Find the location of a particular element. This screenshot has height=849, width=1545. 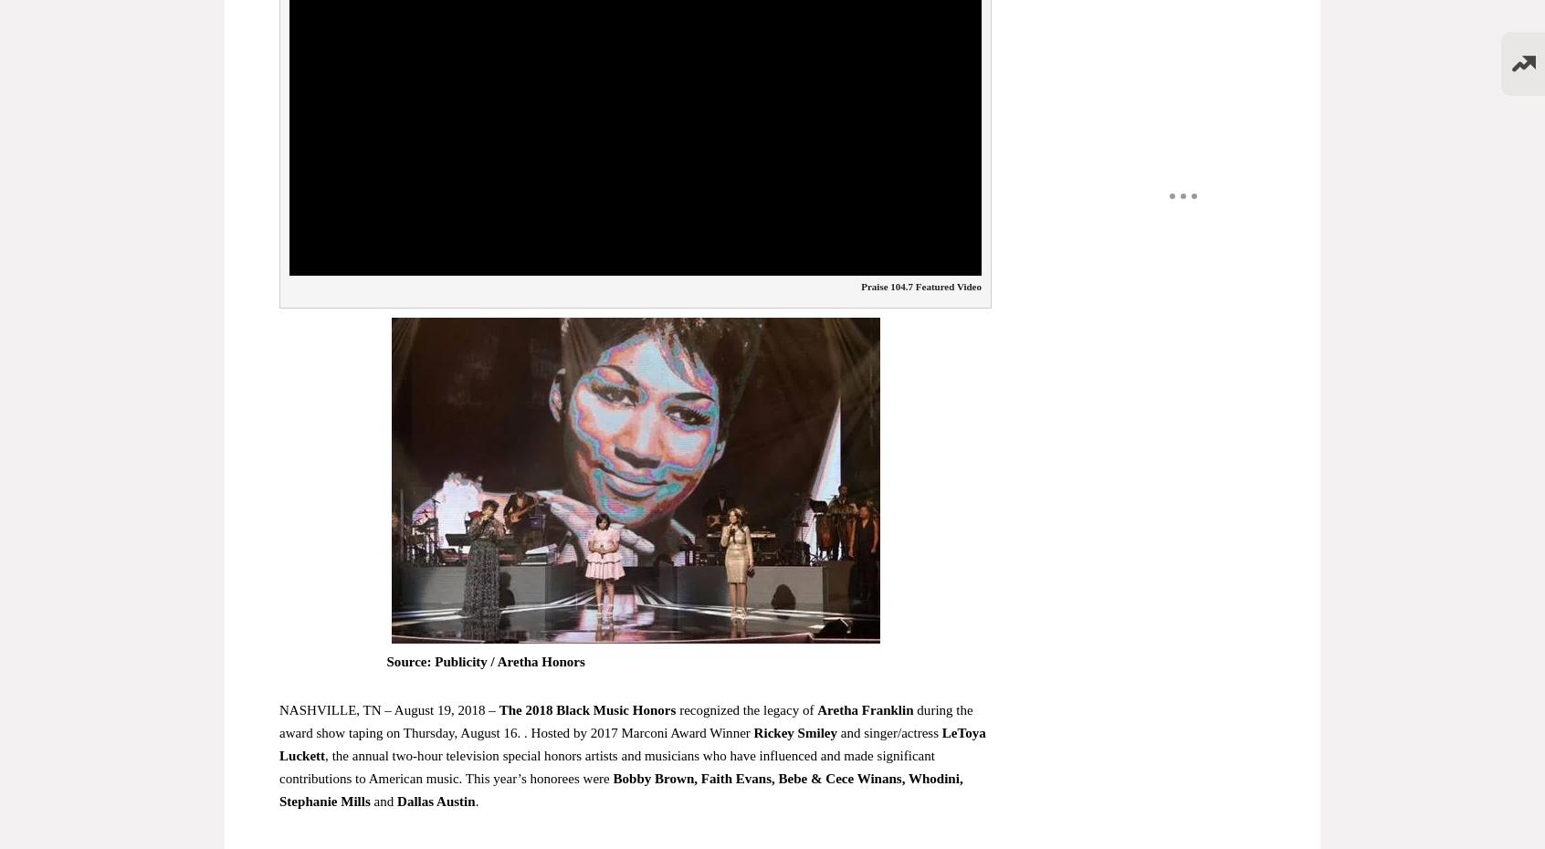

'.' is located at coordinates (474, 800).